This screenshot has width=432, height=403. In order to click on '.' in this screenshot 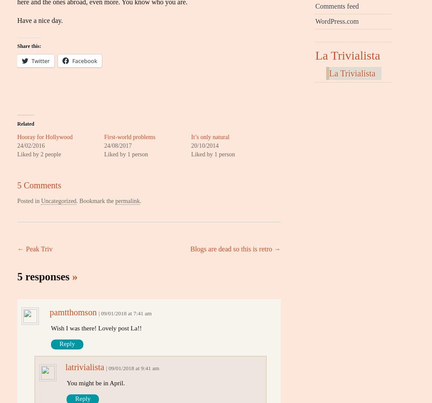, I will do `click(139, 200)`.